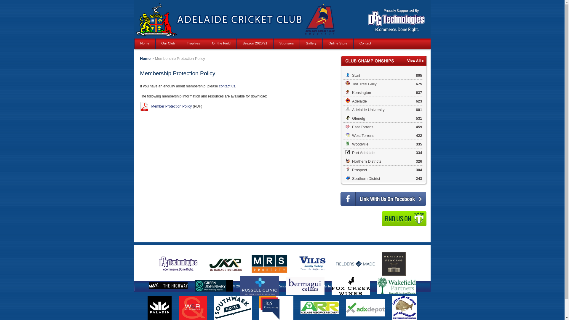  I want to click on 'Season 2020/21', so click(236, 43).